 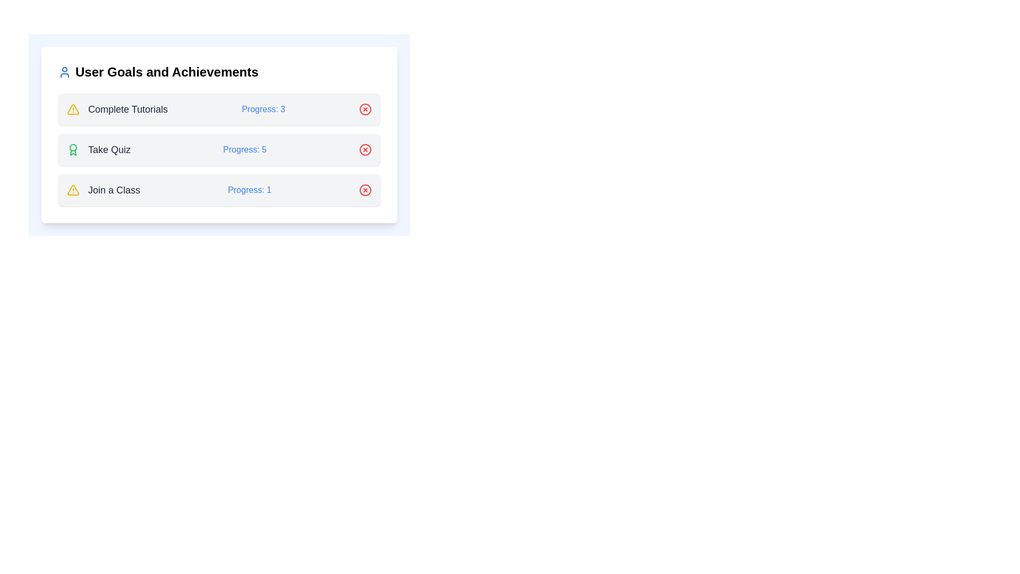 What do you see at coordinates (73, 147) in the screenshot?
I see `the decorative Circle SVG element located to the left of the 'Take Quiz' label in the 'User Goals and Achievements' section using accessibility tools` at bounding box center [73, 147].